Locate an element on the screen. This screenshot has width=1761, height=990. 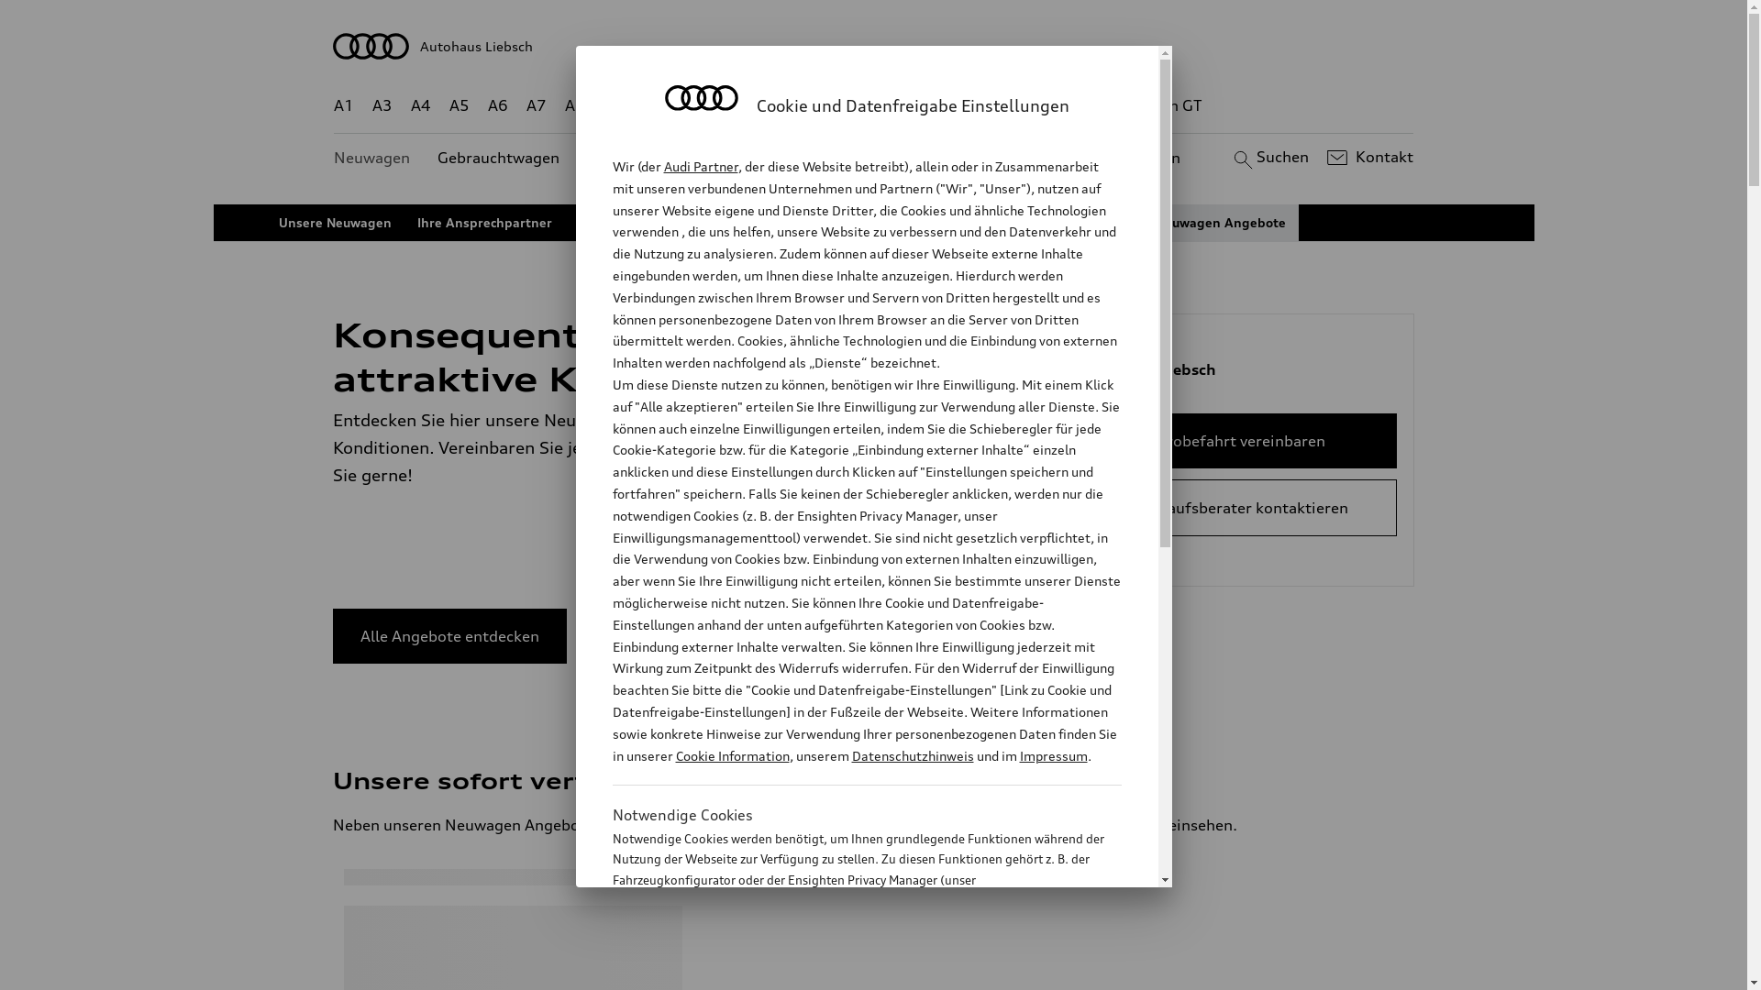
'Q2' is located at coordinates (614, 105).